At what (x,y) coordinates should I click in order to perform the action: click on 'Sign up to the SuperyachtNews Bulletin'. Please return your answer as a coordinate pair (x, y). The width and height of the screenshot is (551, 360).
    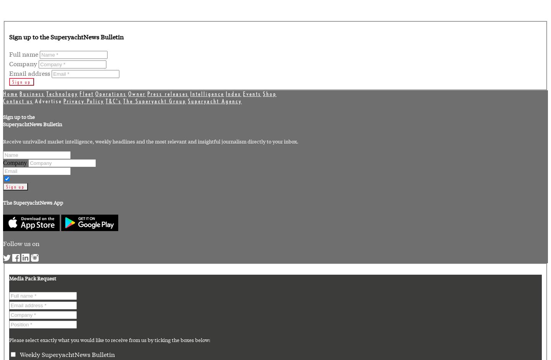
    Looking at the image, I should click on (66, 36).